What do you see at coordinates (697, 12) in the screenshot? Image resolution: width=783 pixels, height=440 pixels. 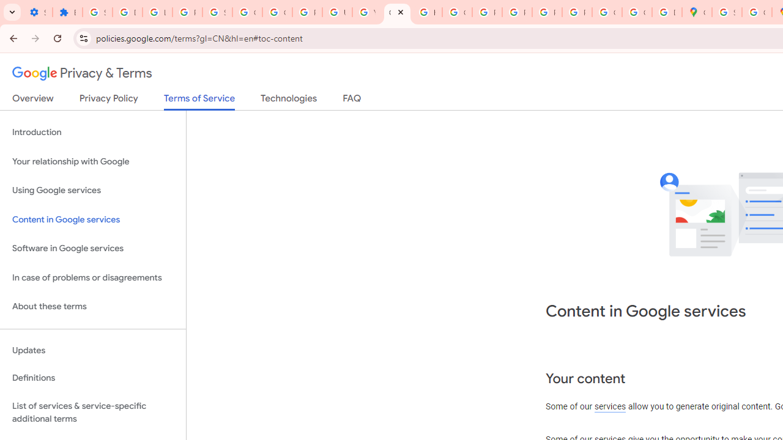 I see `'Google Maps'` at bounding box center [697, 12].